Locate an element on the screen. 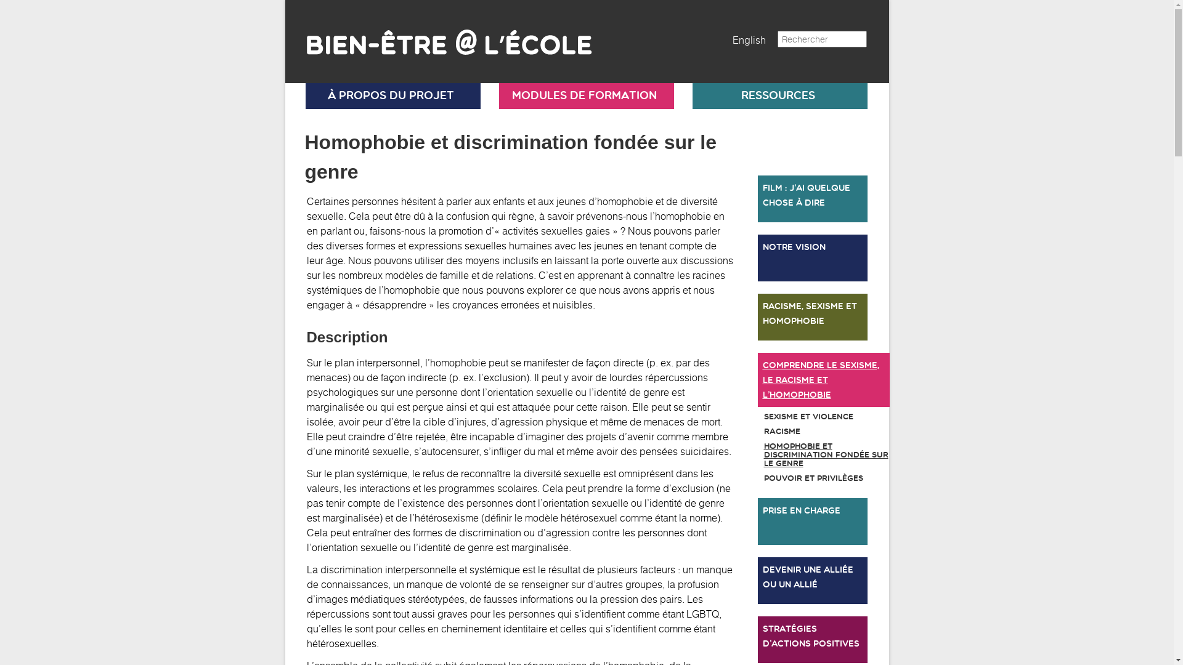 The width and height of the screenshot is (1183, 665). 'Ressources' is located at coordinates (777, 95).